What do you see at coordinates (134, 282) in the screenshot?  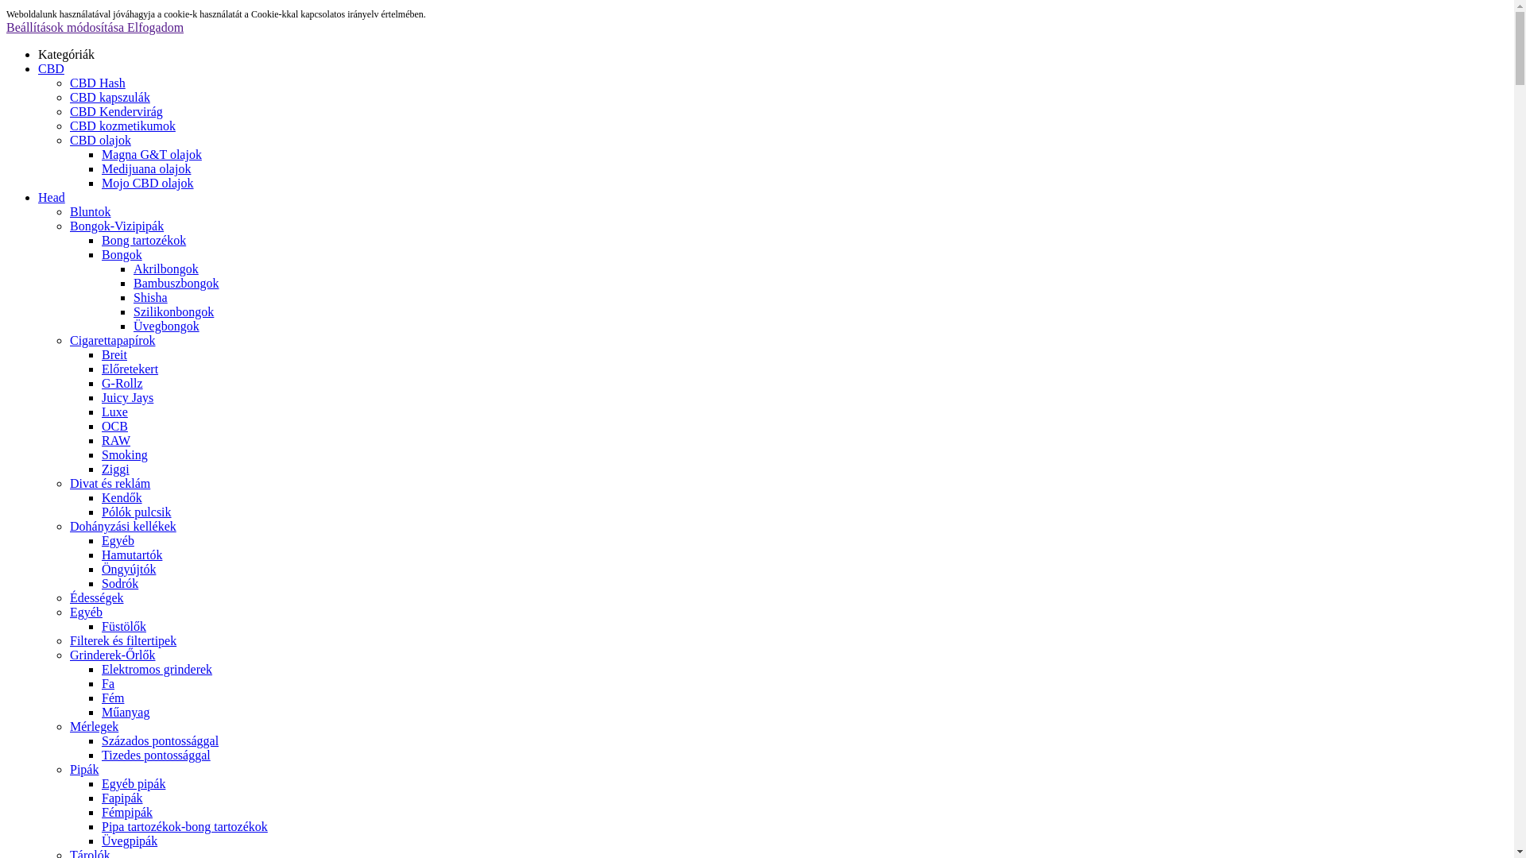 I see `'Bambuszbongok'` at bounding box center [134, 282].